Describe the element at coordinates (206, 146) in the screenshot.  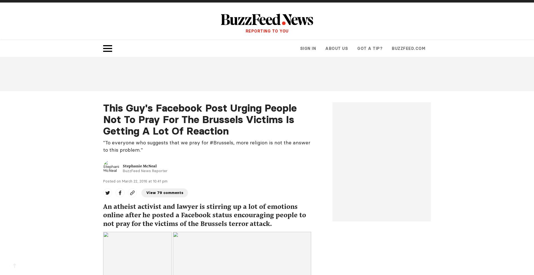
I see `'"To everyone who suggests that we pray for ‪#‎Brussels‬, more religion is not the answer to this problem."'` at that location.